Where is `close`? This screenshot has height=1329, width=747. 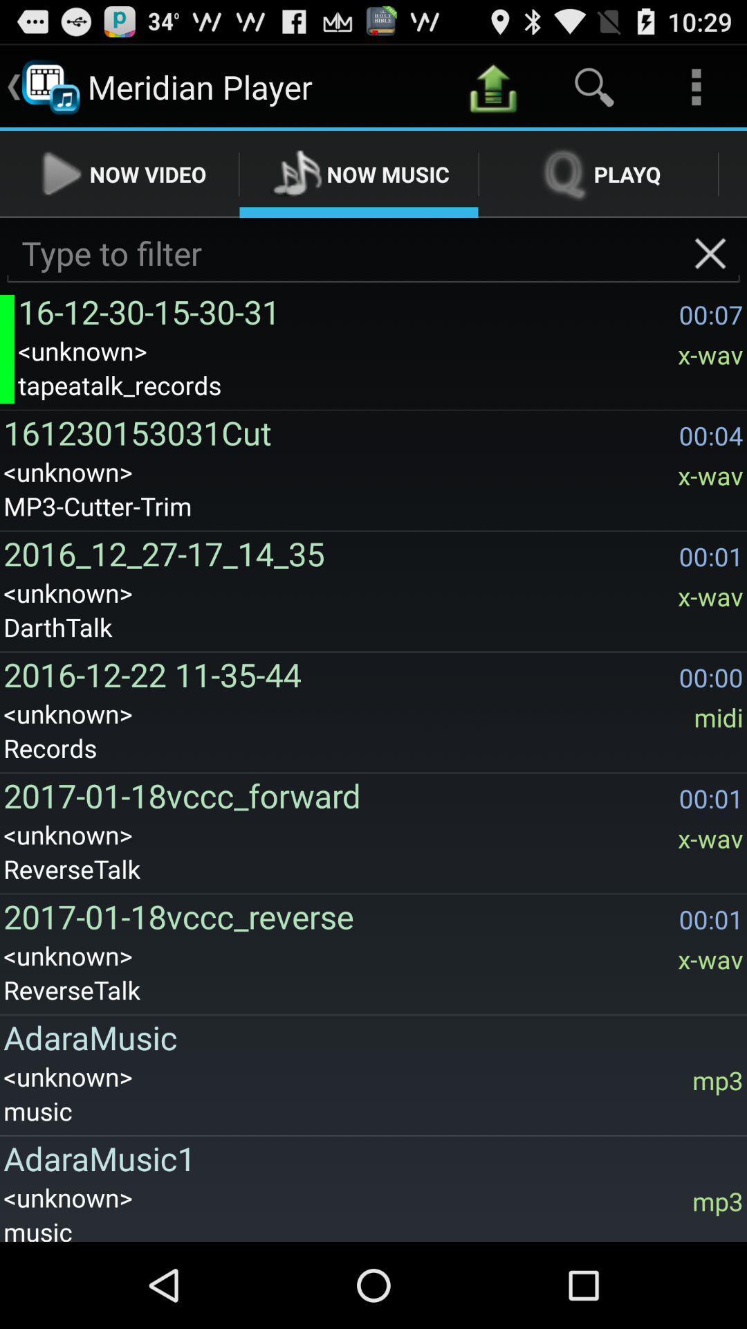 close is located at coordinates (710, 253).